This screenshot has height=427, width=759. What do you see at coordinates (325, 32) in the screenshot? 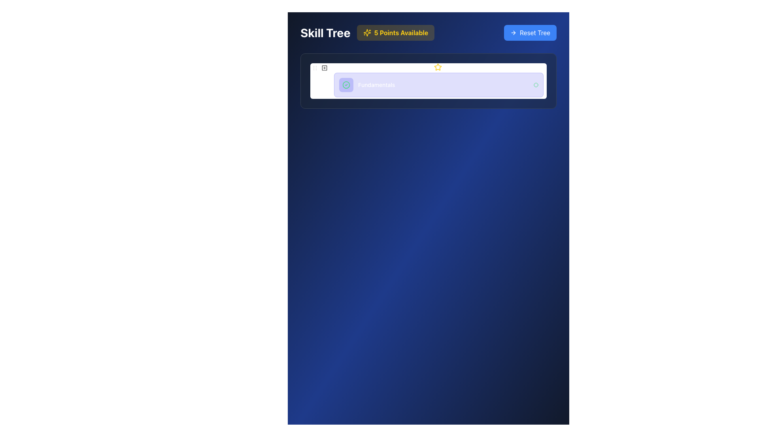
I see `the bold, white text label 'Skill Tree' at the top-left of the interface to possibly reveal additional visual effects` at bounding box center [325, 32].